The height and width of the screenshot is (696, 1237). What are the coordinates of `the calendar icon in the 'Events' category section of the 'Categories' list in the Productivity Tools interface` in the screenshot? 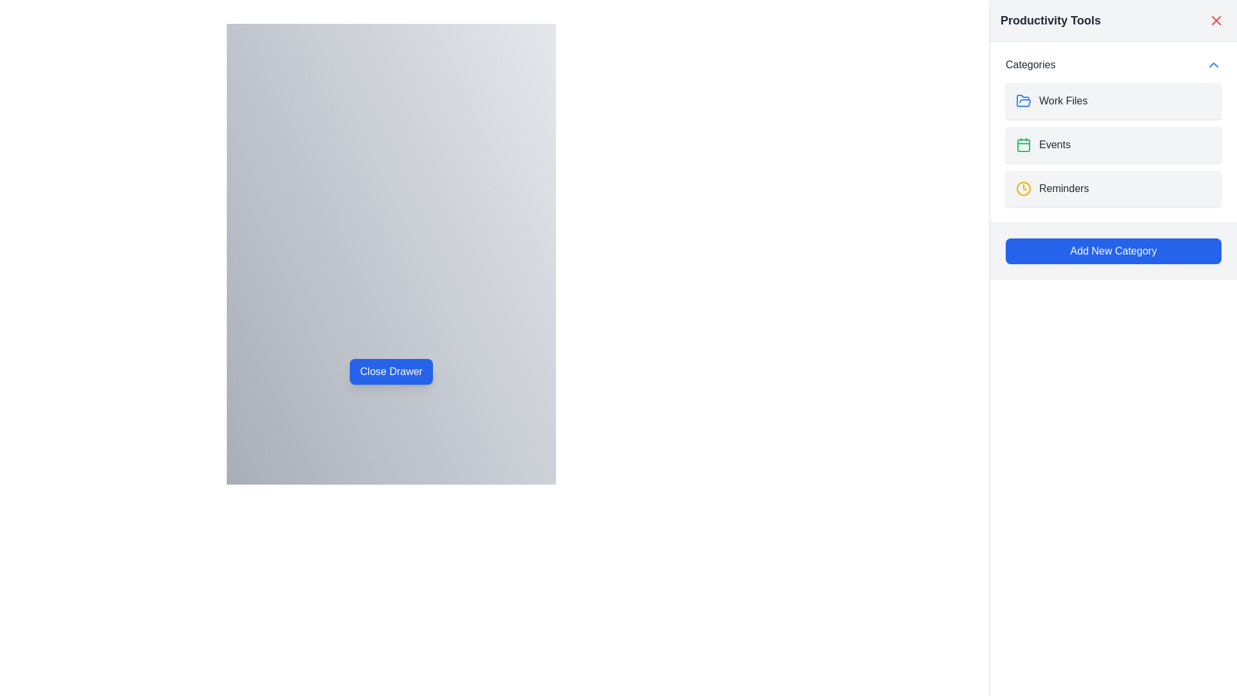 It's located at (1022, 144).